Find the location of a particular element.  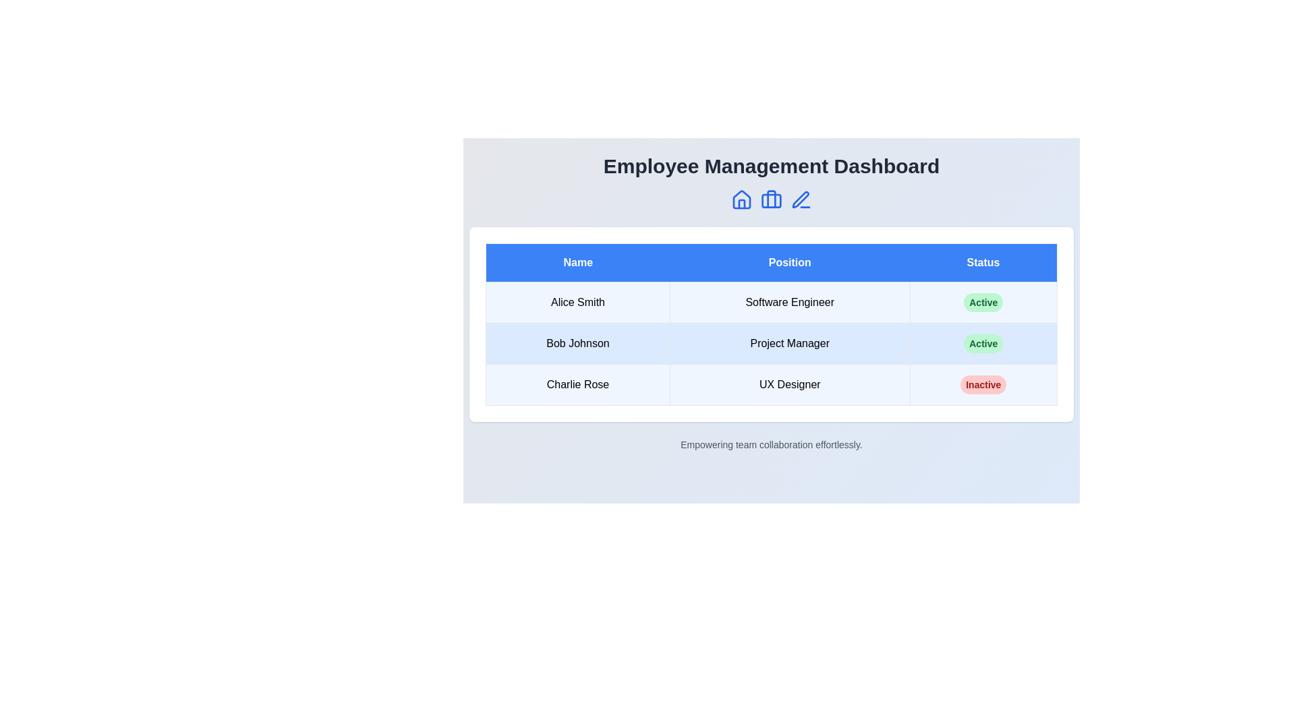

the Table Header Row is located at coordinates (771, 262).